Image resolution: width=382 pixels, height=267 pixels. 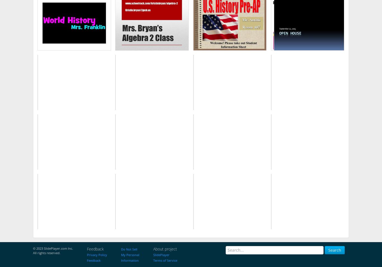 I want to click on 'Mrs. Bryan’s Algebra 2 Class', so click(x=152, y=24).